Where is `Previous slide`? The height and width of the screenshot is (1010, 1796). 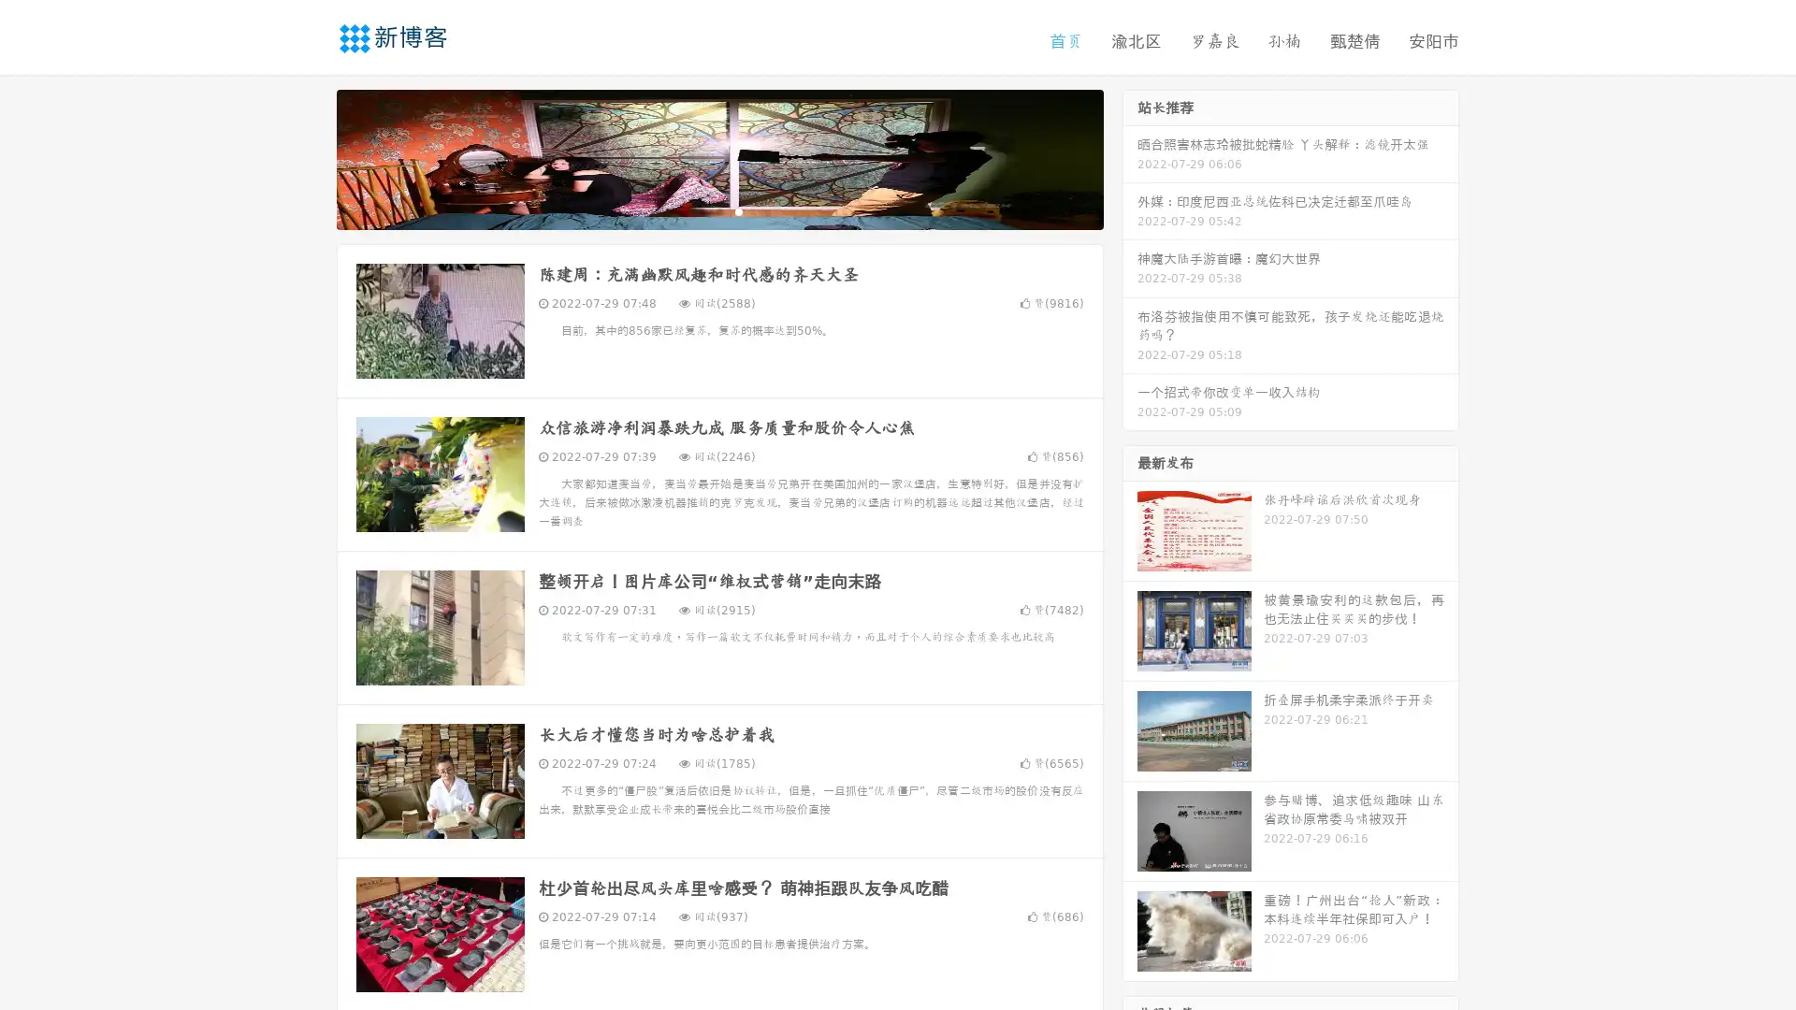
Previous slide is located at coordinates (309, 157).